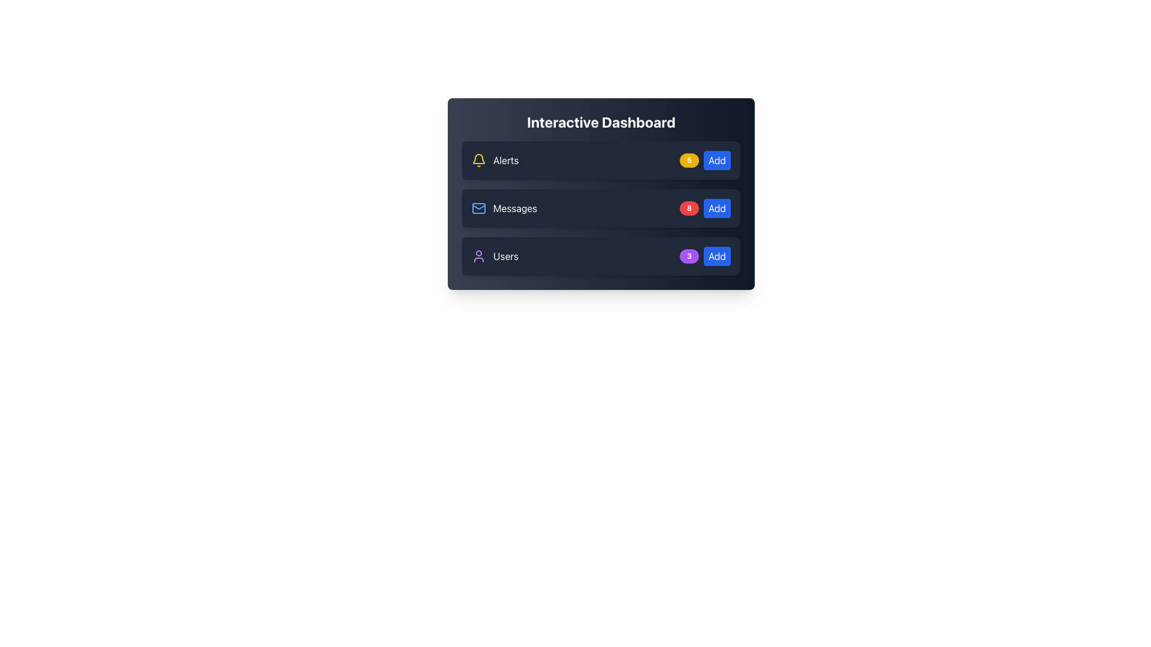 The width and height of the screenshot is (1151, 647). I want to click on the 'Messages' text label, which is the second item in a vertically stacked list and is aligned to the right of an envelope icon, so click(504, 207).